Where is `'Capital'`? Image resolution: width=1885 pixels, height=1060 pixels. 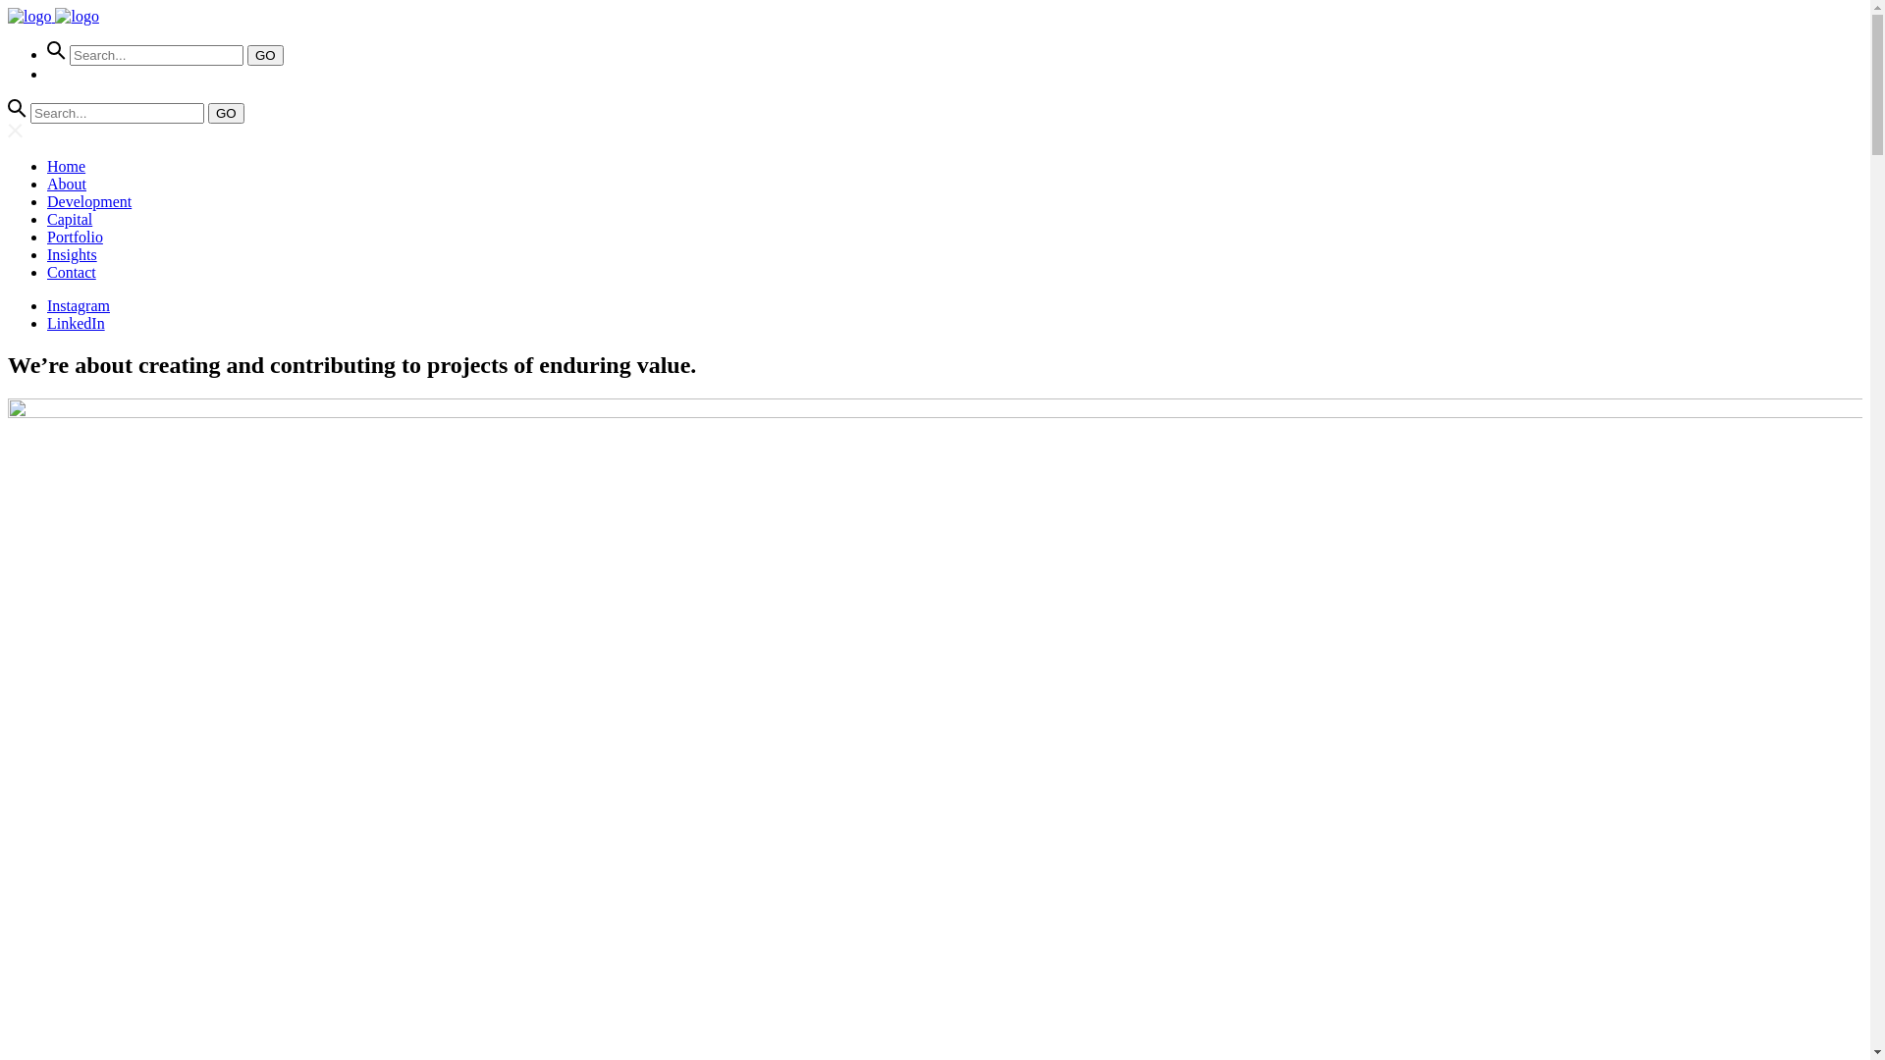
'Capital' is located at coordinates (70, 219).